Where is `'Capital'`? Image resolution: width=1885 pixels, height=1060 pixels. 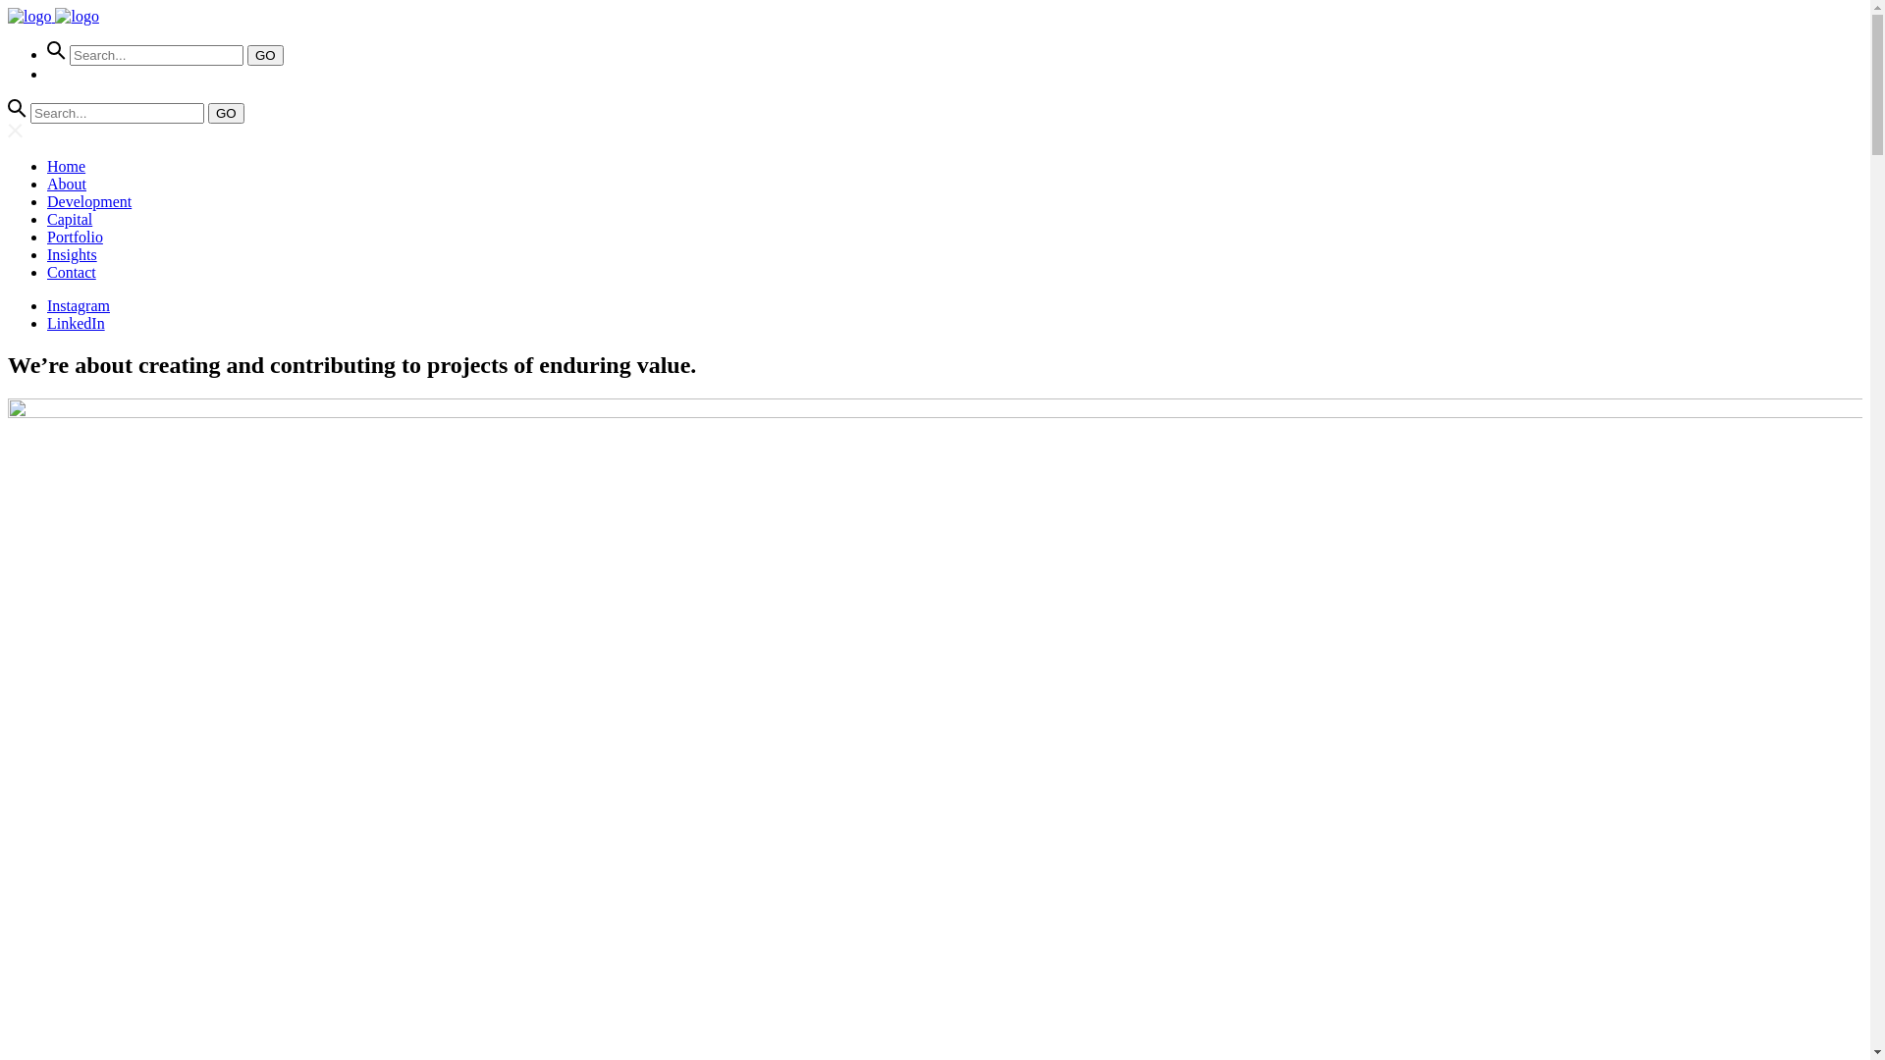
'Capital' is located at coordinates (70, 219).